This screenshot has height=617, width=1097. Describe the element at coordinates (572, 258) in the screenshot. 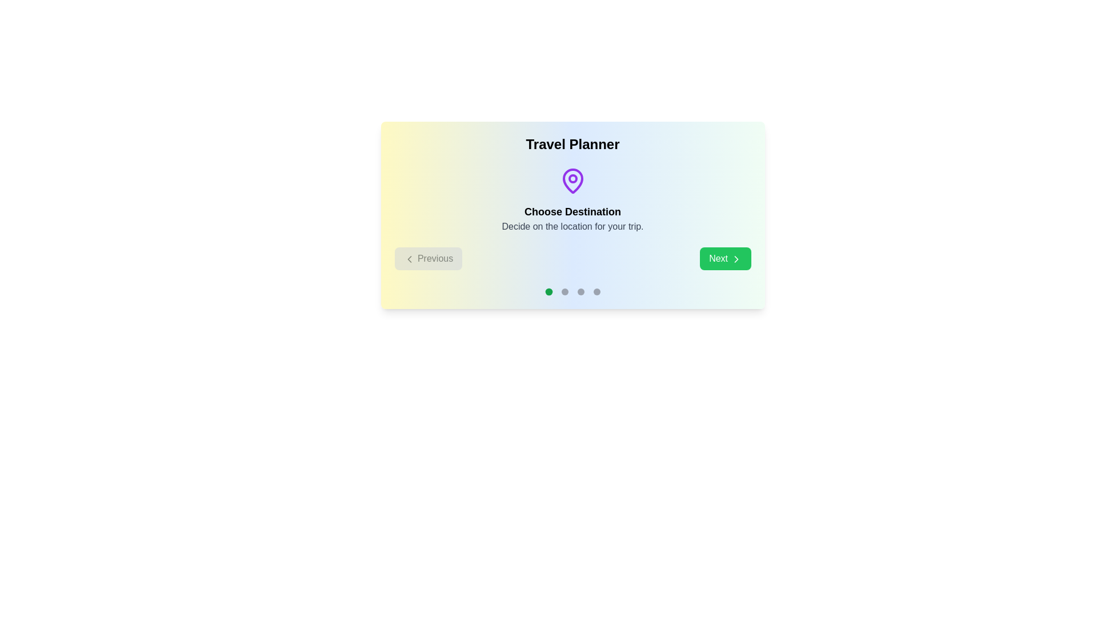

I see `the 'Previous' button in the navigation control of the 'Travel Planner' card` at that location.